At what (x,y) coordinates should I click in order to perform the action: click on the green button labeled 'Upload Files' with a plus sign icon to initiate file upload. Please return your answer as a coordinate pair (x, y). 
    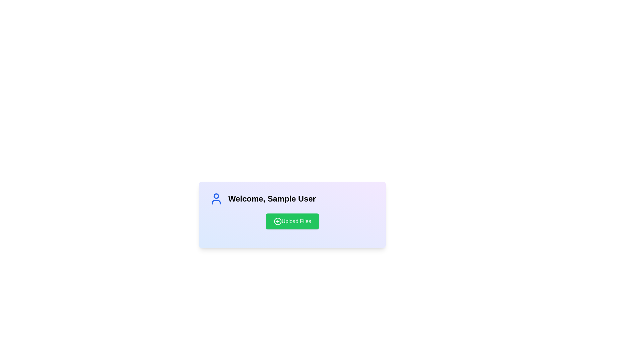
    Looking at the image, I should click on (292, 221).